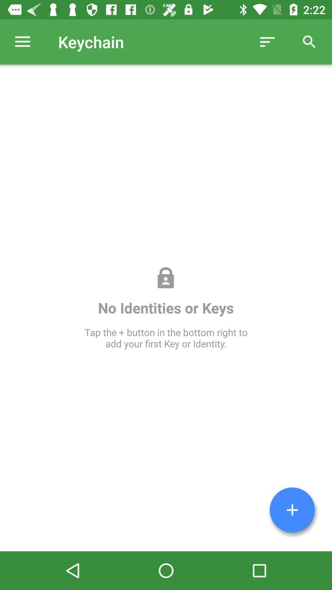  Describe the element at coordinates (292, 510) in the screenshot. I see `icon` at that location.